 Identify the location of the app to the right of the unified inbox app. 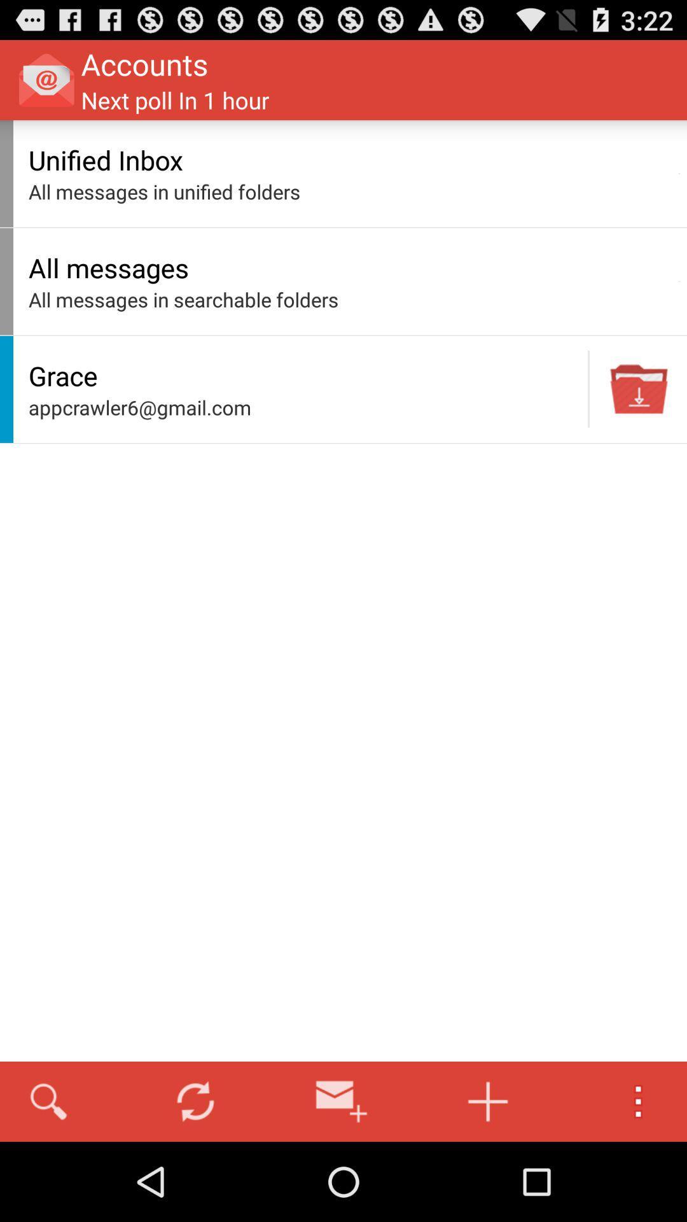
(679, 173).